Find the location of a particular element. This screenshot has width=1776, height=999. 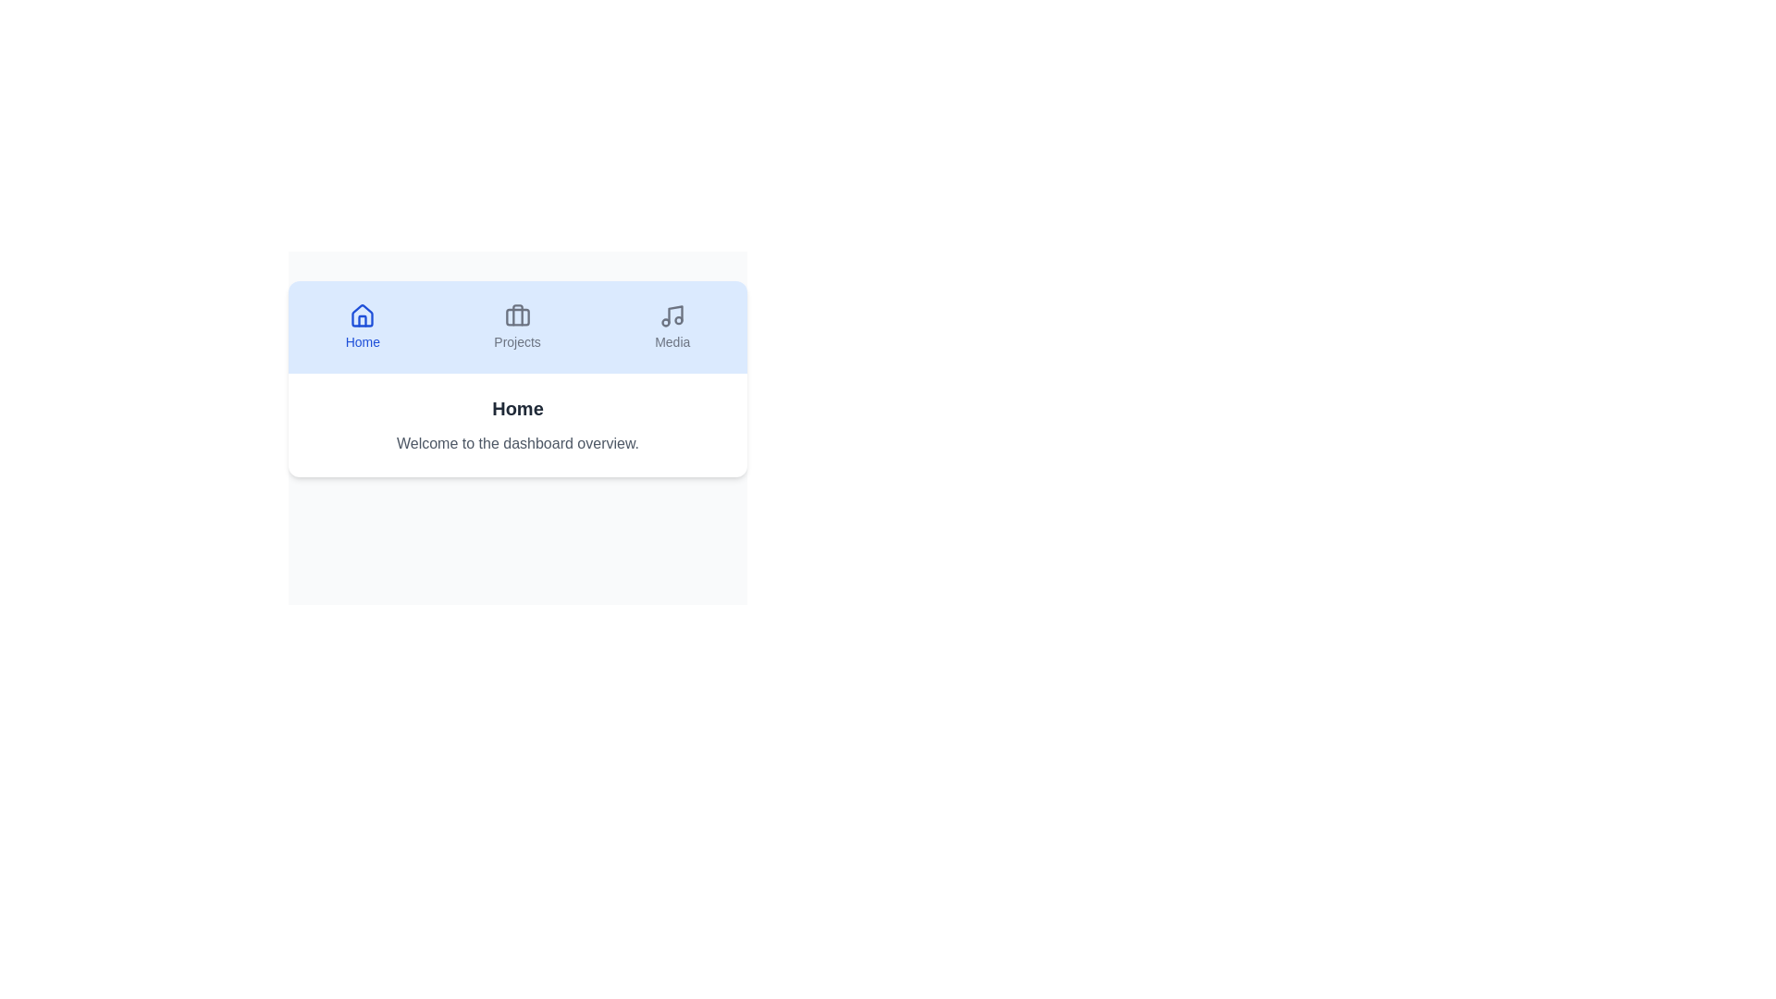

the Projects tab is located at coordinates (516, 327).